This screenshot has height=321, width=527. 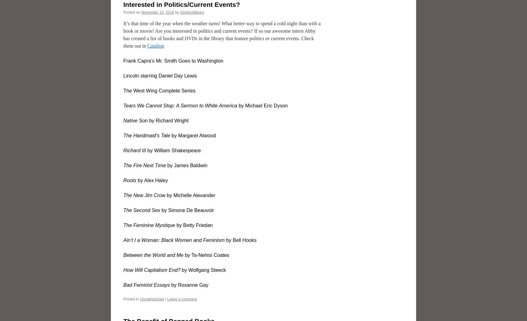 What do you see at coordinates (186, 210) in the screenshot?
I see `'by Simone De Beauvoir'` at bounding box center [186, 210].